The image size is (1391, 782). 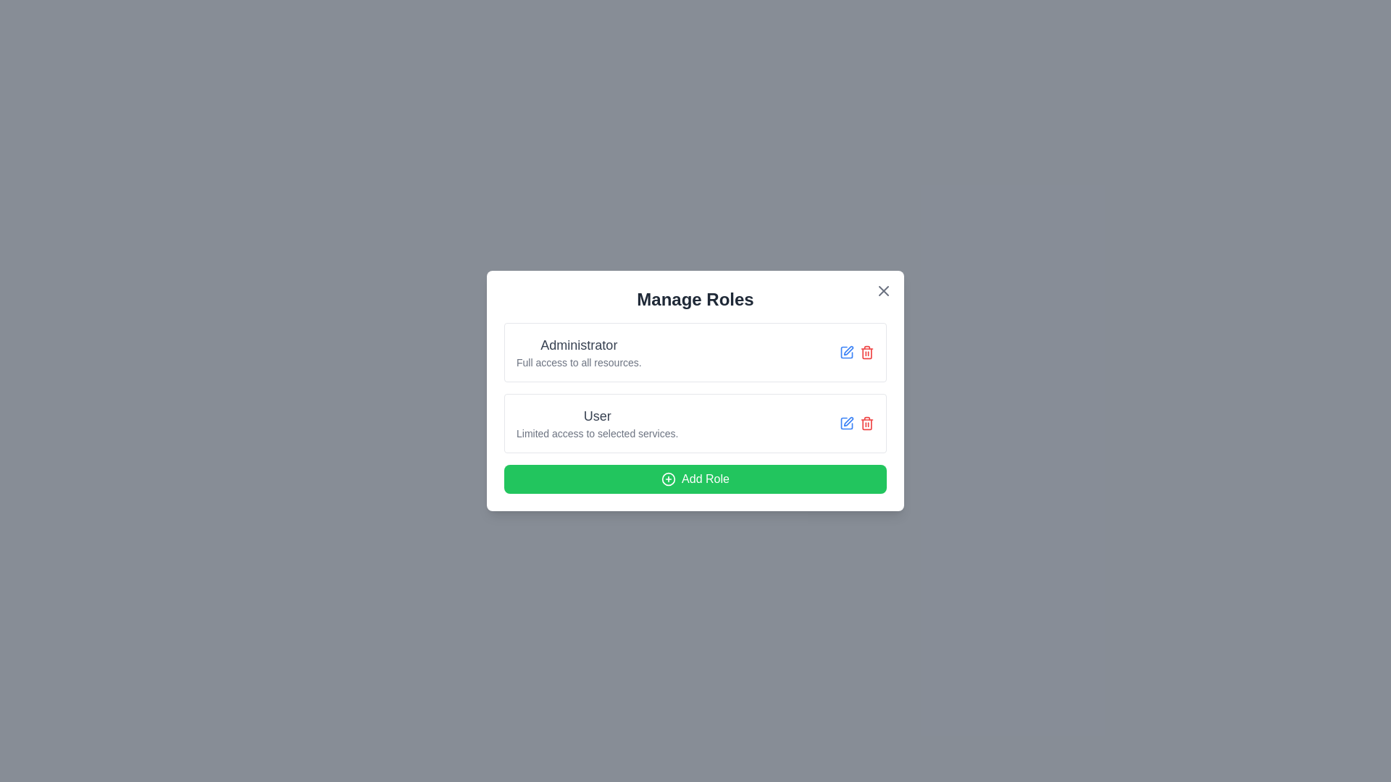 What do you see at coordinates (856, 424) in the screenshot?
I see `the red trash bin icon in the bottom-right corner of the 'User' card` at bounding box center [856, 424].